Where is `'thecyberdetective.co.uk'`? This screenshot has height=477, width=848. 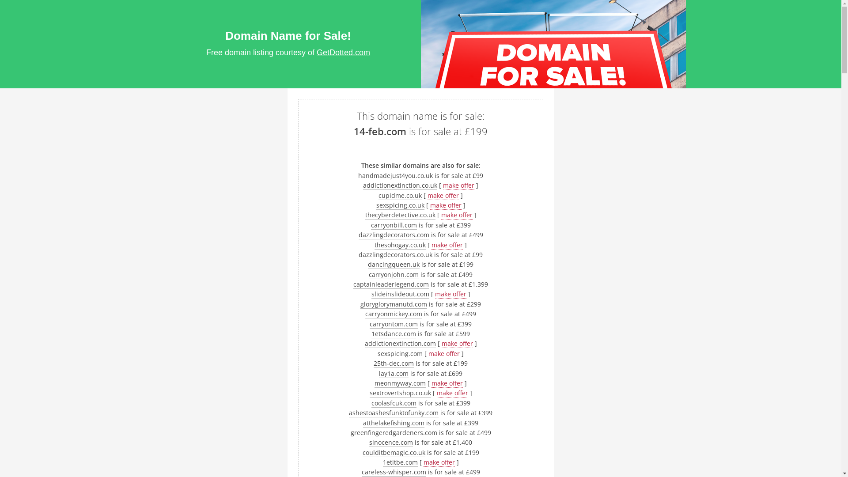 'thecyberdetective.co.uk' is located at coordinates (399, 215).